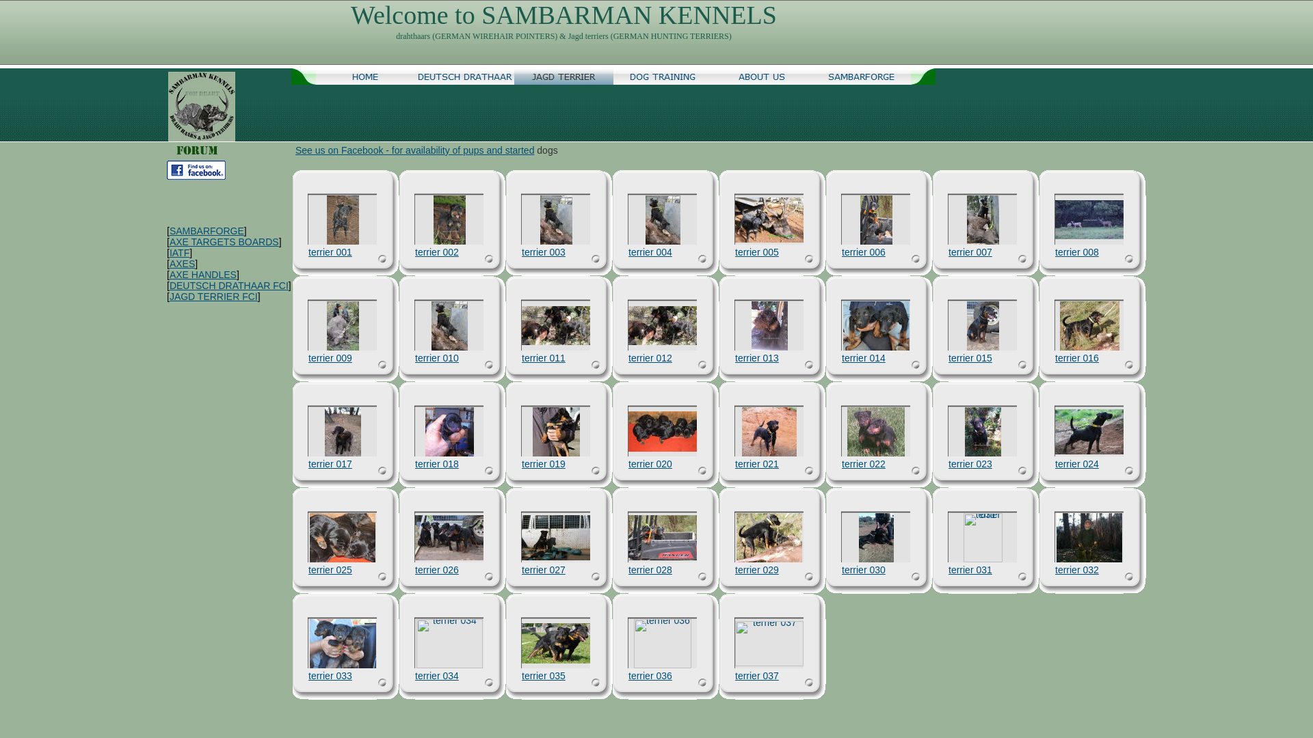 The height and width of the screenshot is (738, 1313). What do you see at coordinates (948, 569) in the screenshot?
I see `'terrier 031'` at bounding box center [948, 569].